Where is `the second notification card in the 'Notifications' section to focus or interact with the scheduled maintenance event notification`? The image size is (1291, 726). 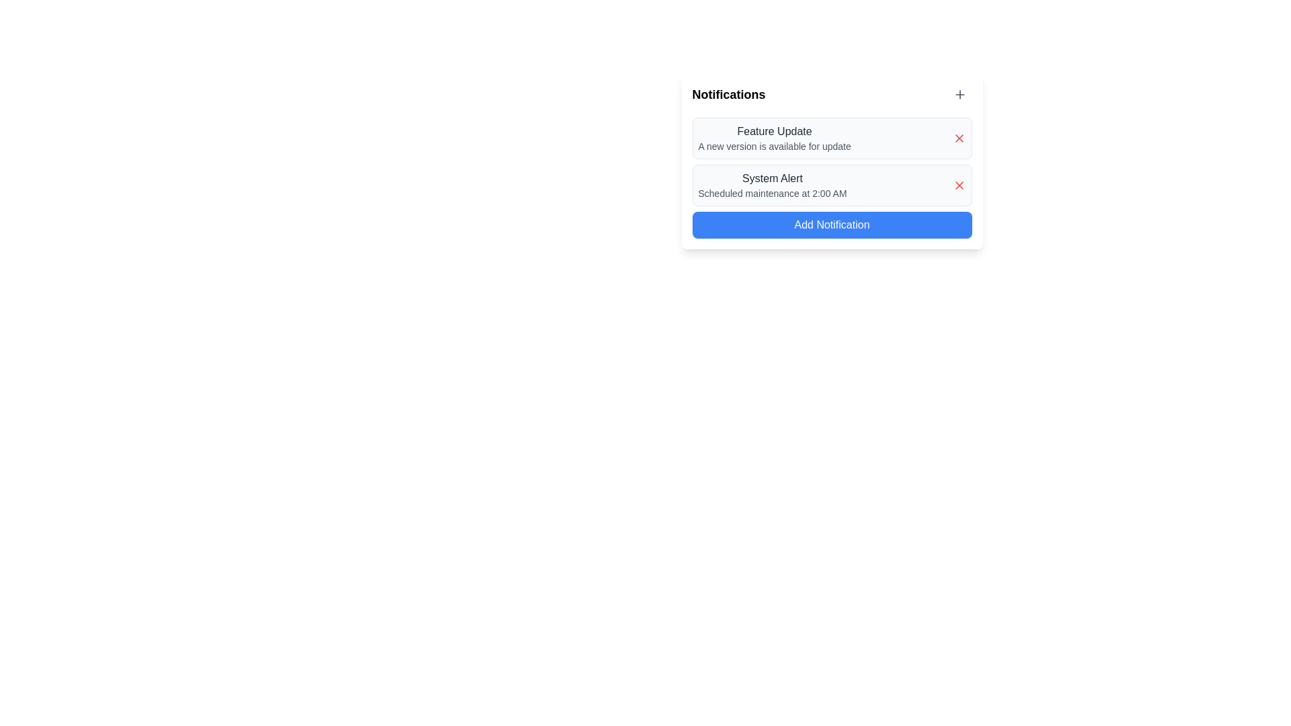 the second notification card in the 'Notifications' section to focus or interact with the scheduled maintenance event notification is located at coordinates (772, 186).